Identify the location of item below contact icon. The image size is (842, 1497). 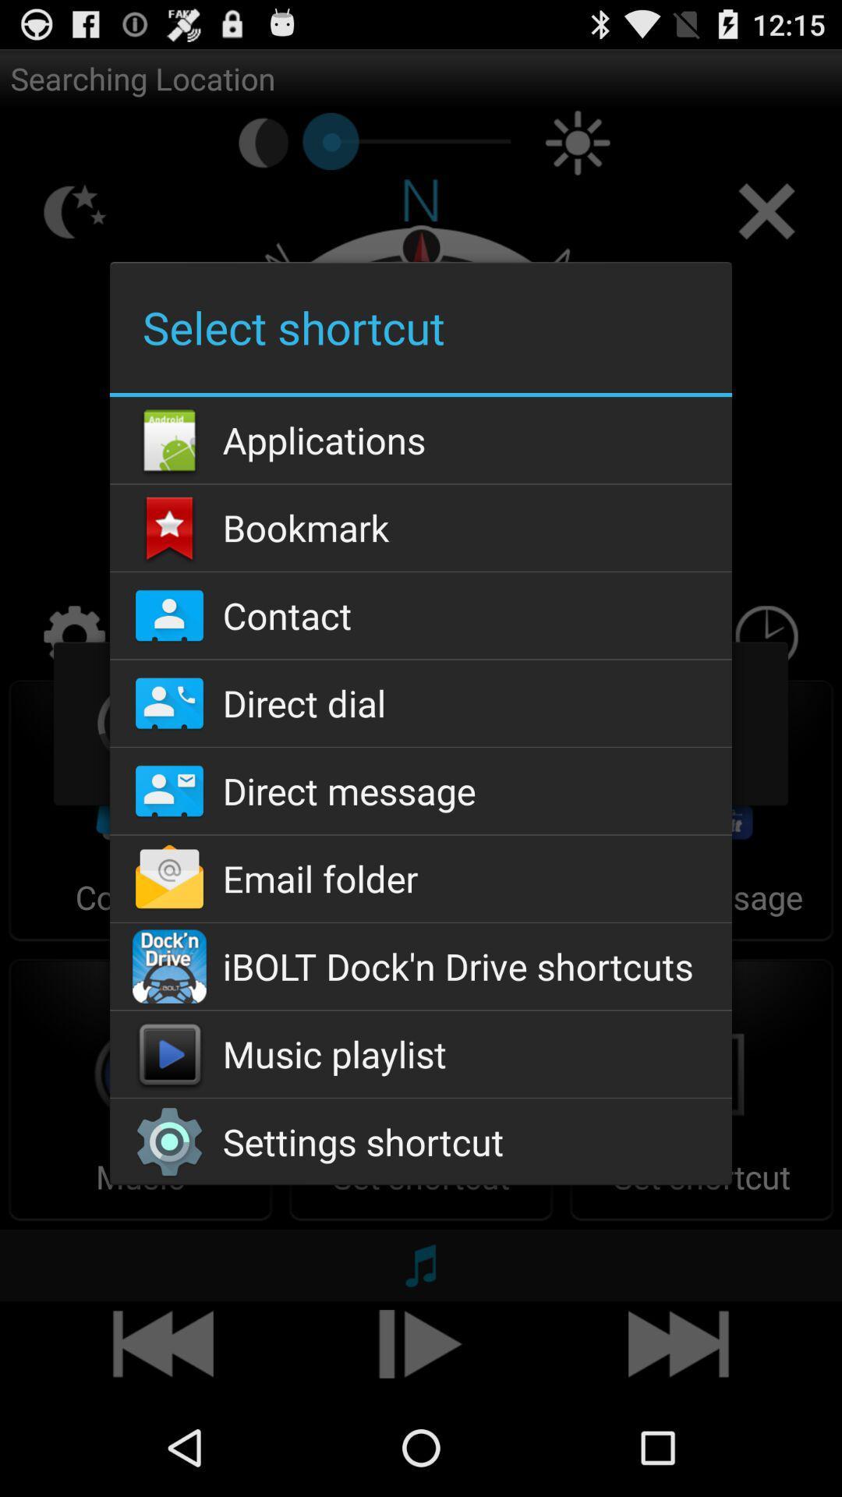
(421, 702).